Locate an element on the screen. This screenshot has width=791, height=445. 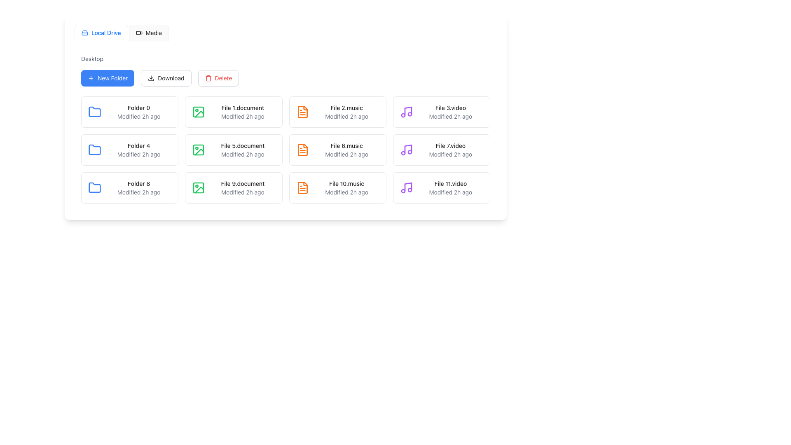
the file entry list item displaying the filename and modification time is located at coordinates (441, 187).